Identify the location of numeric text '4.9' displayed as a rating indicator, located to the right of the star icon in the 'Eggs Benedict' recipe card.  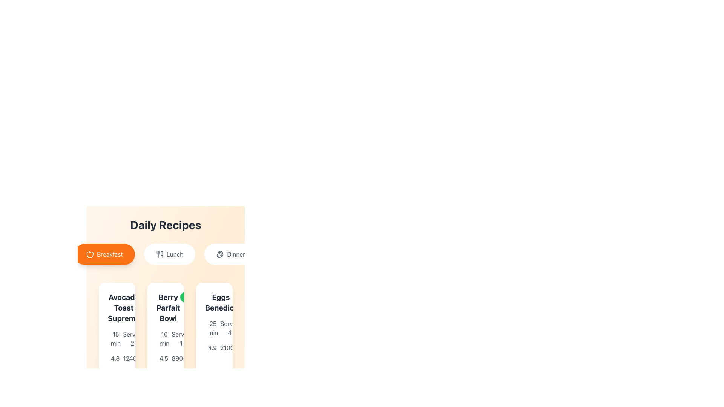
(212, 347).